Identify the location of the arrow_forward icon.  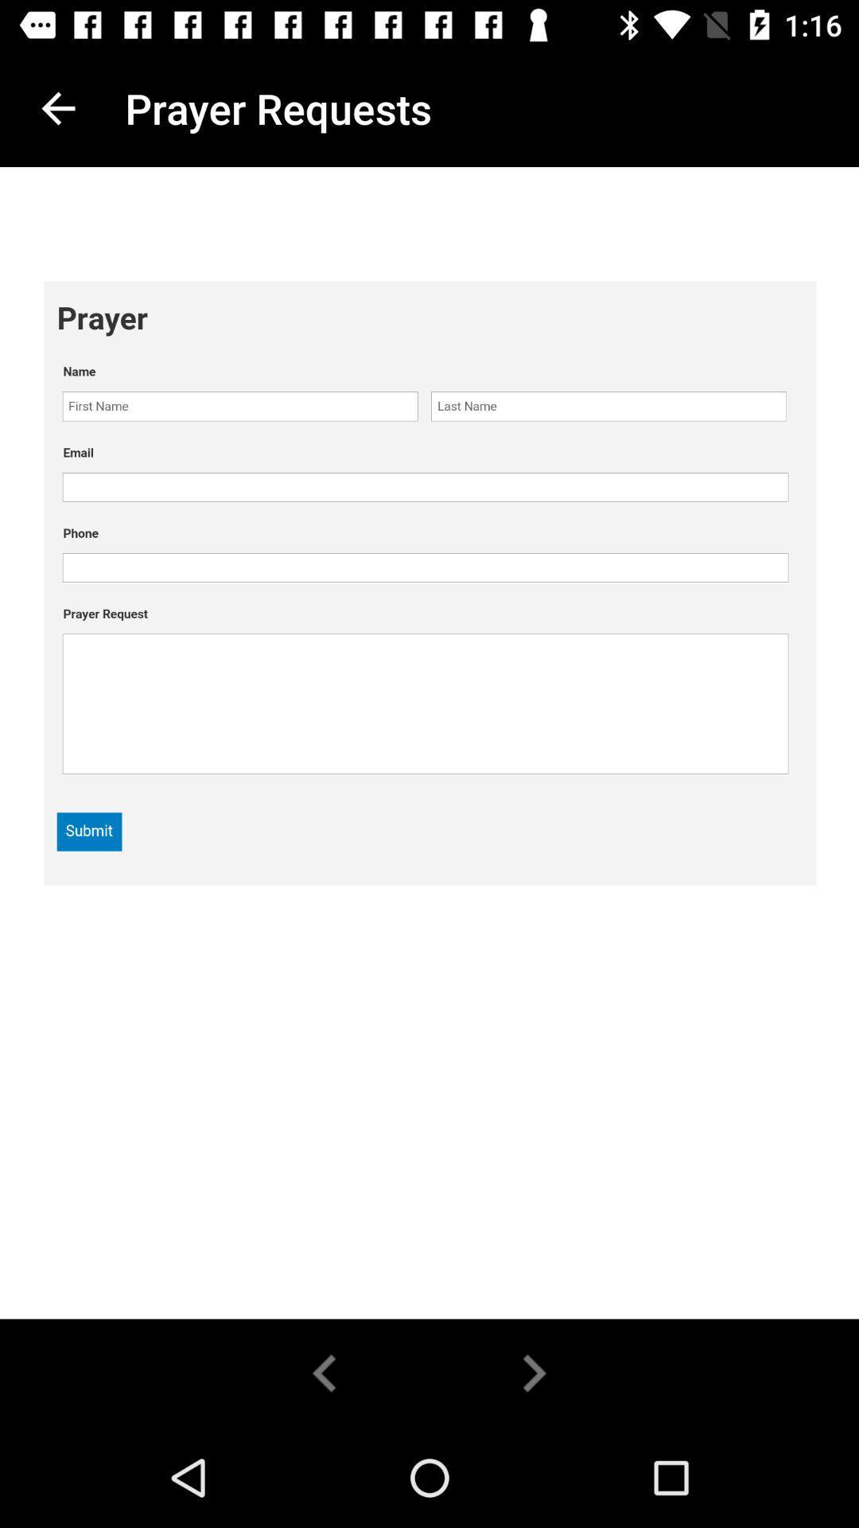
(534, 1372).